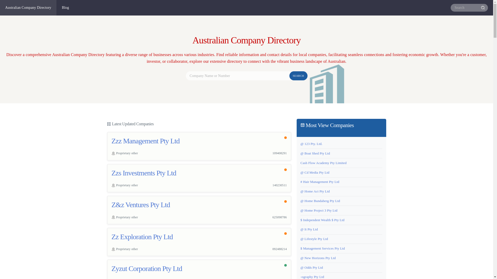 The image size is (497, 279). Describe the element at coordinates (301, 220) in the screenshot. I see `'$ Independent Wealth $ Pty Ltd'` at that location.